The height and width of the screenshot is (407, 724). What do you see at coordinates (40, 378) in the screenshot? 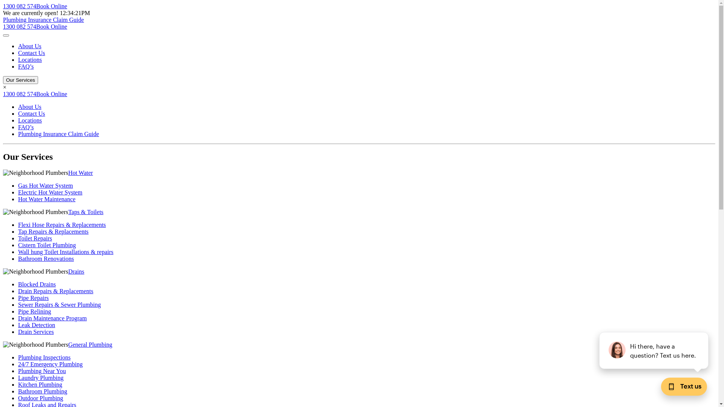
I see `'Laundry Plumbing'` at bounding box center [40, 378].